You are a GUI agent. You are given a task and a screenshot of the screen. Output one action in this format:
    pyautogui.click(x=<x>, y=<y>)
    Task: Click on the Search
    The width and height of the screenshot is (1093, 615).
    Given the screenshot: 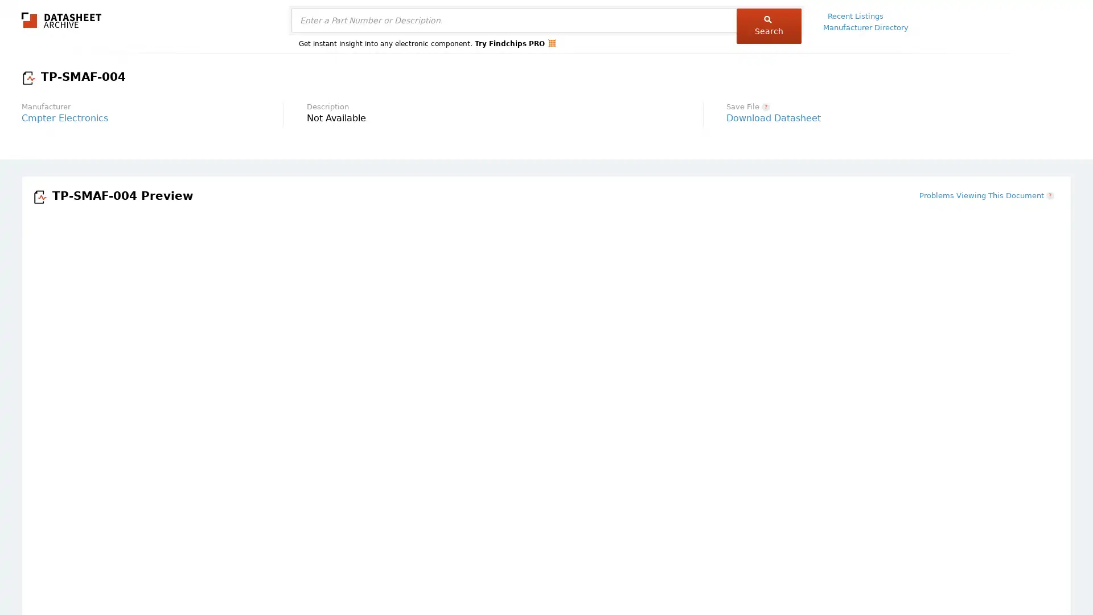 What is the action you would take?
    pyautogui.click(x=768, y=26)
    